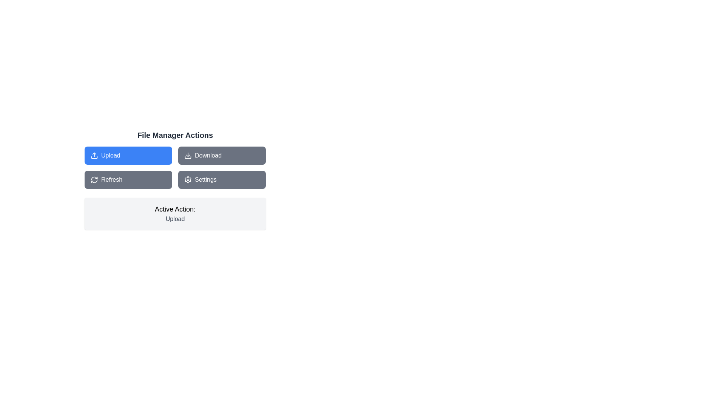 This screenshot has width=725, height=408. I want to click on the 'Refresh' text label located in the lower left of the grid, second in the row, so click(111, 179).